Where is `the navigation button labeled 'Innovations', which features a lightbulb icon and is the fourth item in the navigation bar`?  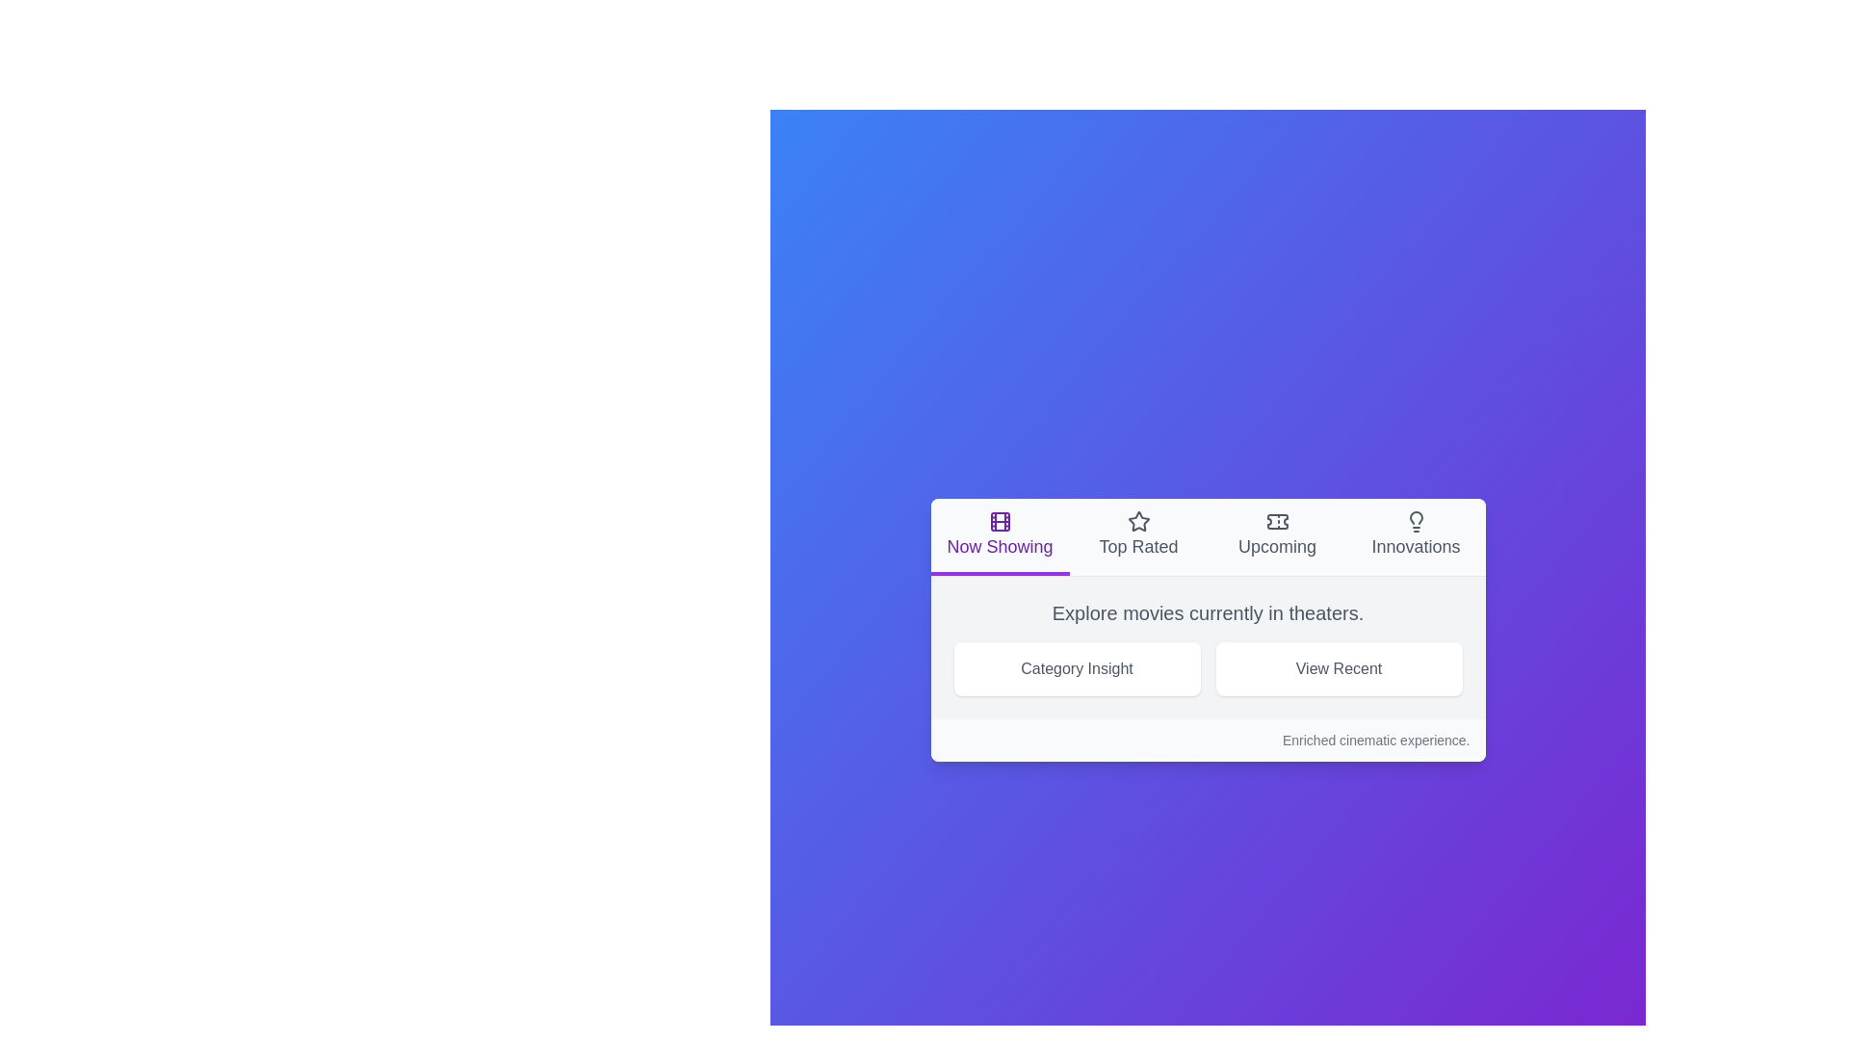 the navigation button labeled 'Innovations', which features a lightbulb icon and is the fourth item in the navigation bar is located at coordinates (1416, 536).